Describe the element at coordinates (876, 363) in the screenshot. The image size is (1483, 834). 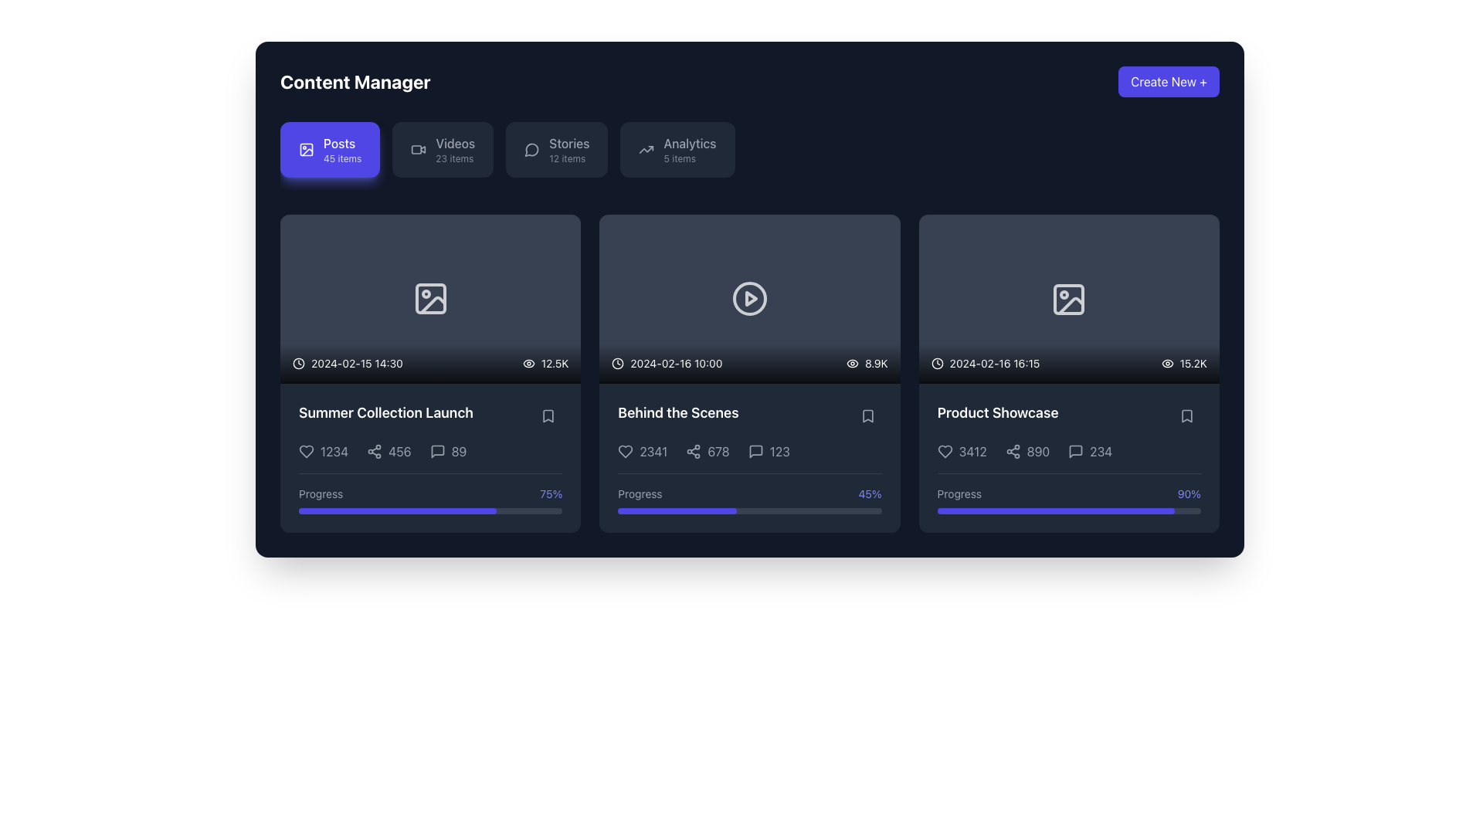
I see `the numerical value display text label located to the right of the eye-shaped icon in the third card under 'Product Showcase'` at that location.